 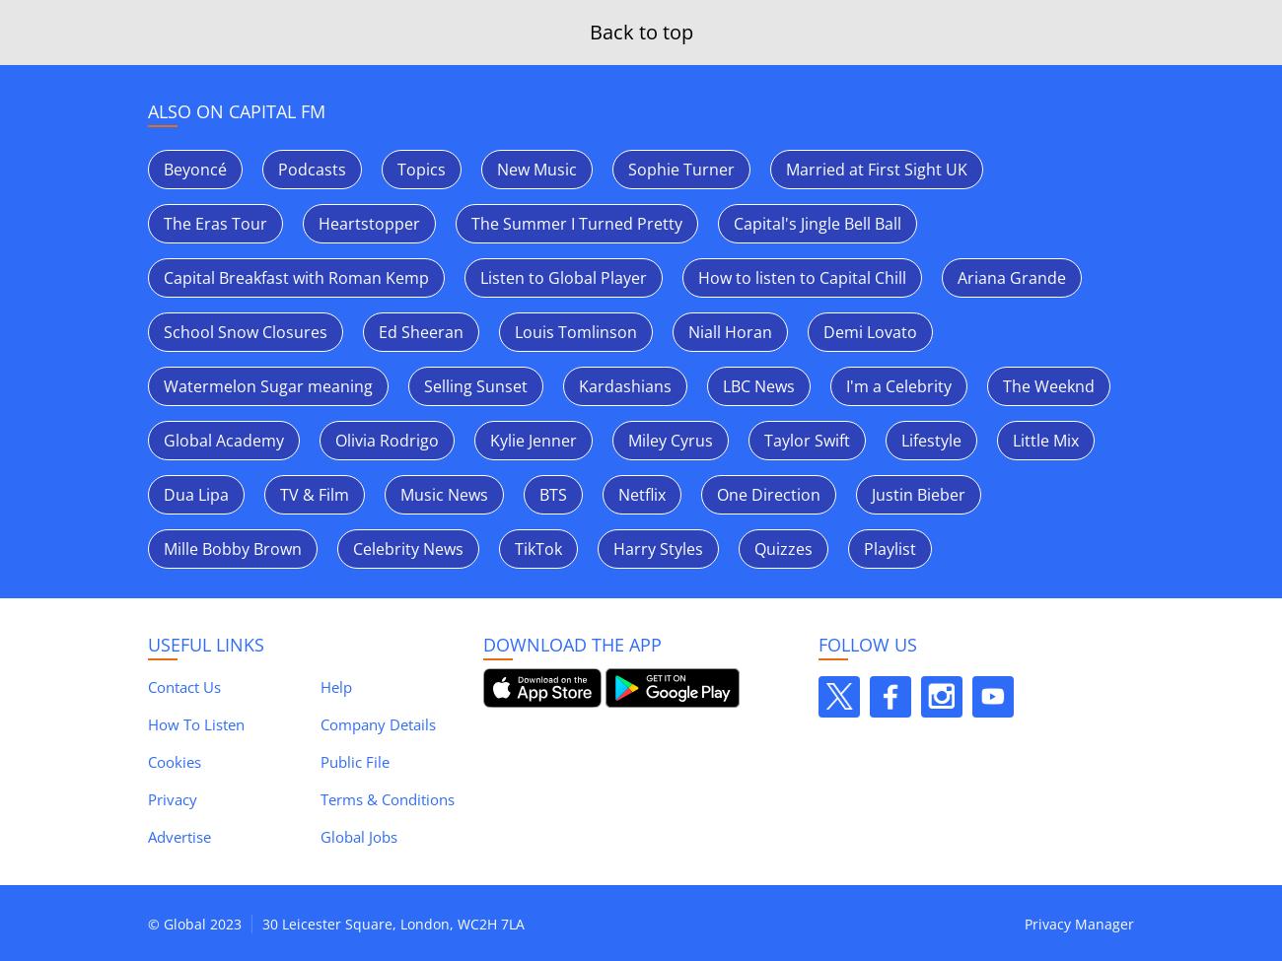 What do you see at coordinates (670, 441) in the screenshot?
I see `'Miley Cyrus'` at bounding box center [670, 441].